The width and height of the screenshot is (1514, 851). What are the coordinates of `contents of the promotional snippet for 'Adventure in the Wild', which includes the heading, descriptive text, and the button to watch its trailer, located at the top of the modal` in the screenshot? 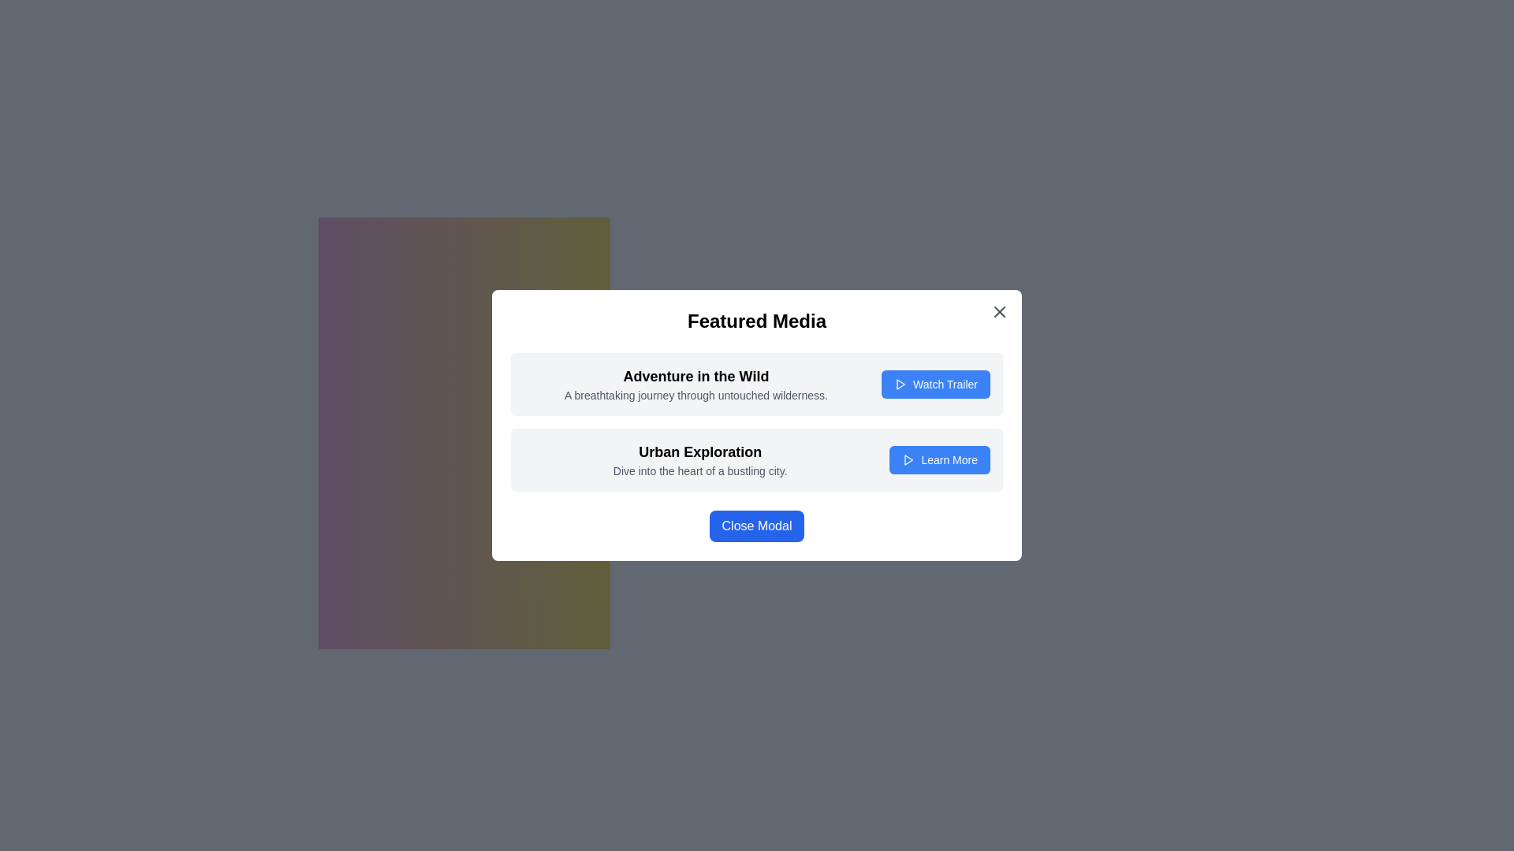 It's located at (757, 385).